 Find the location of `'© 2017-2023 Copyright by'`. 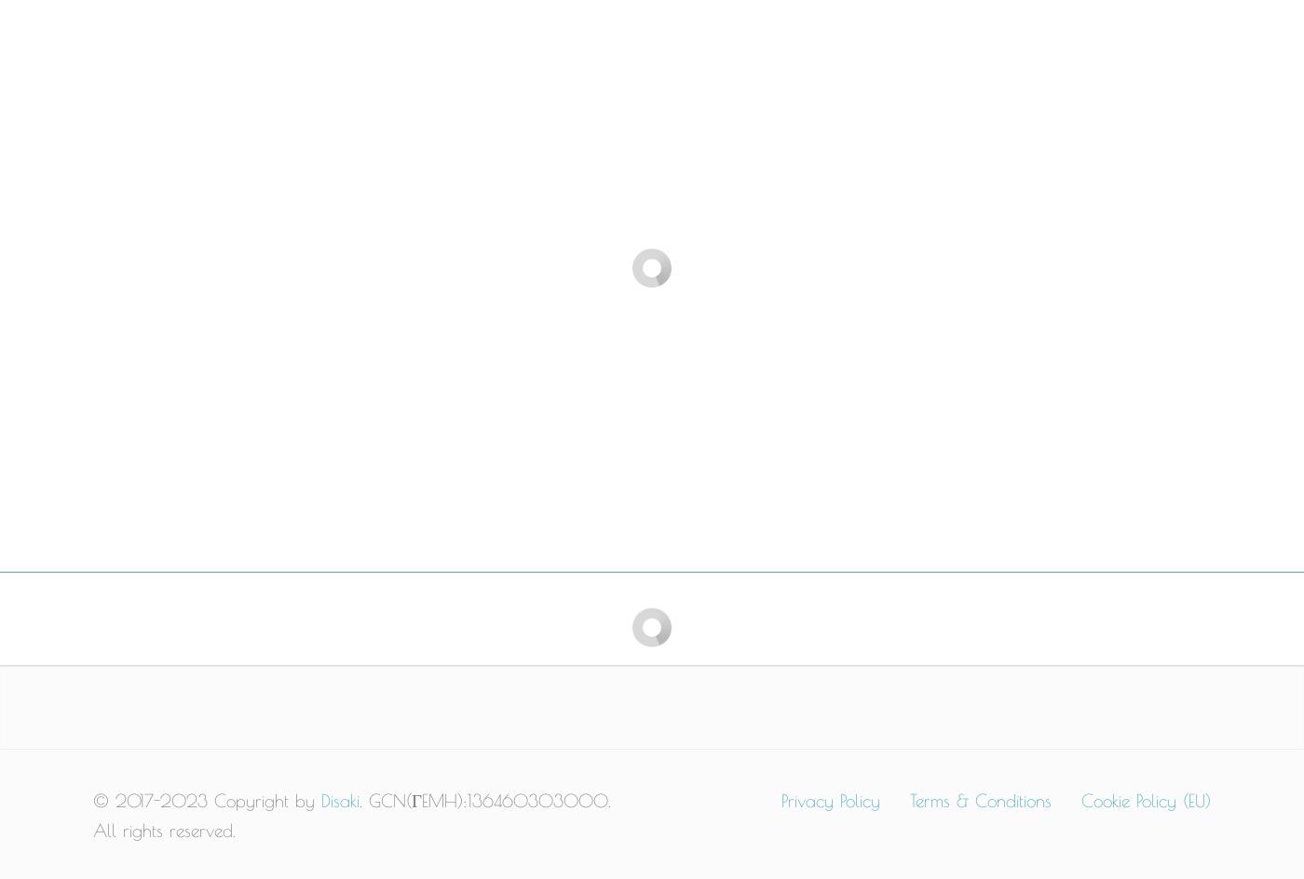

'© 2017-2023 Copyright by' is located at coordinates (206, 800).